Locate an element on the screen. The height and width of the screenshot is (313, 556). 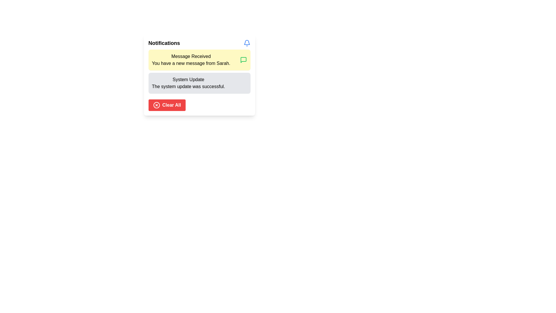
message displayed in the second text line of the notification card indicating the completion of a system update is located at coordinates (188, 87).